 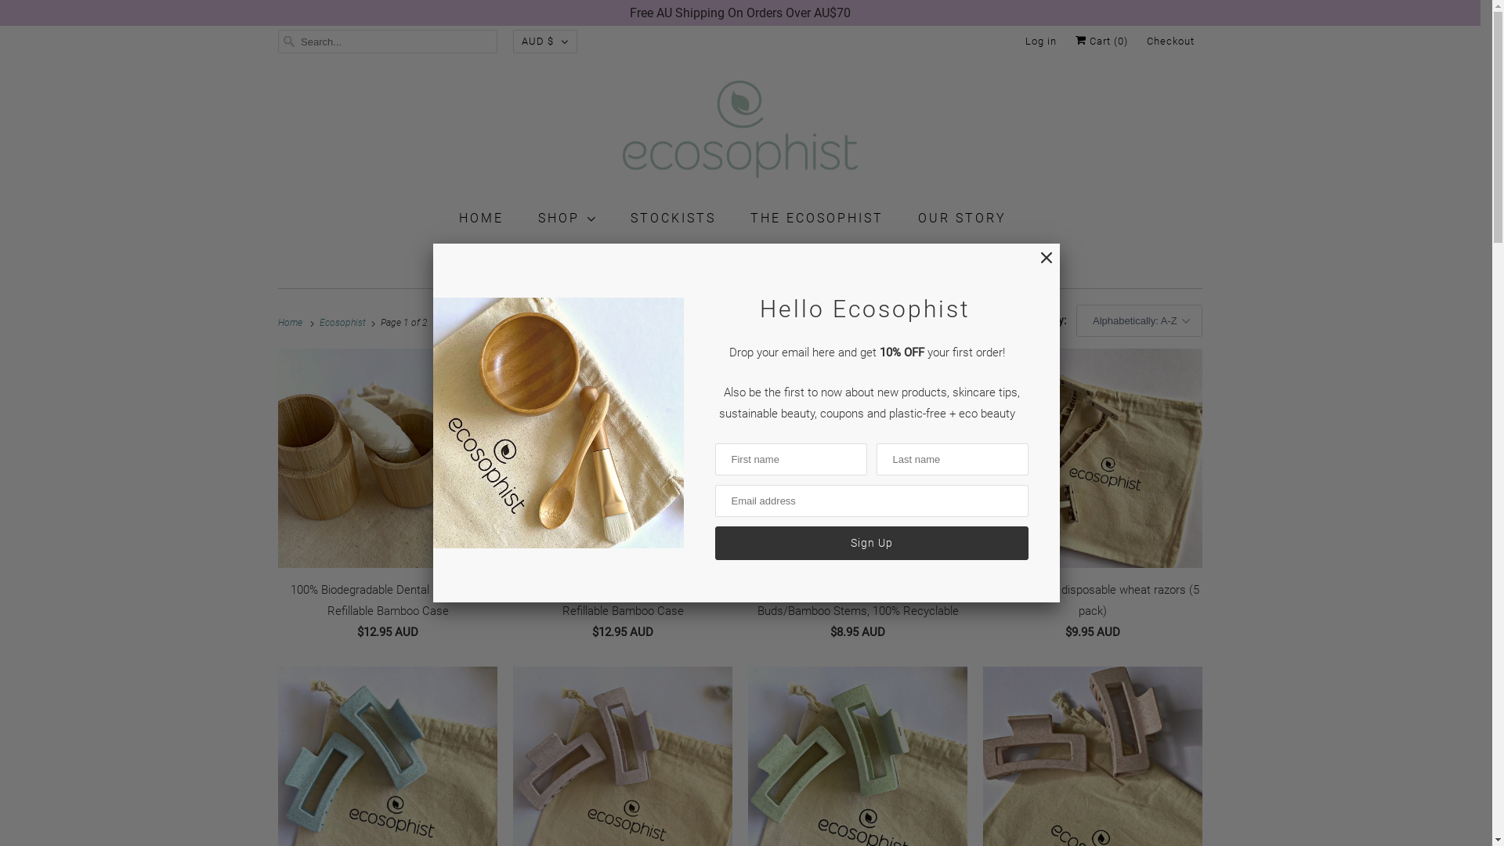 What do you see at coordinates (1025, 41) in the screenshot?
I see `'Log in'` at bounding box center [1025, 41].